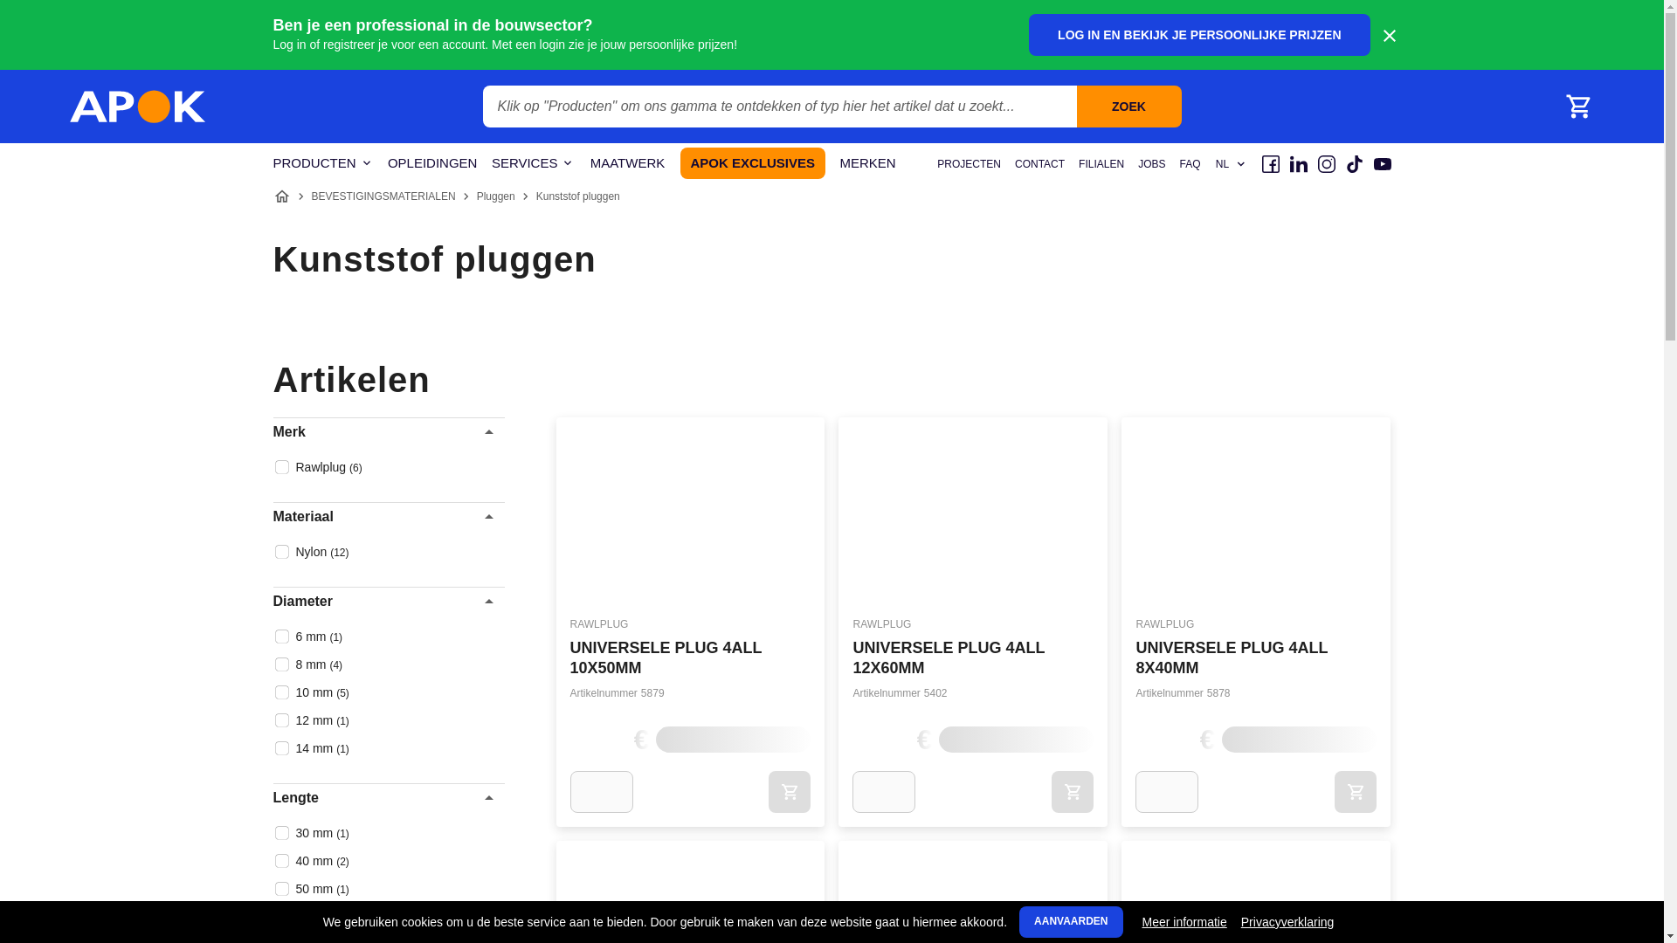 This screenshot has width=1677, height=943. Describe the element at coordinates (1189, 164) in the screenshot. I see `'FAQ'` at that location.